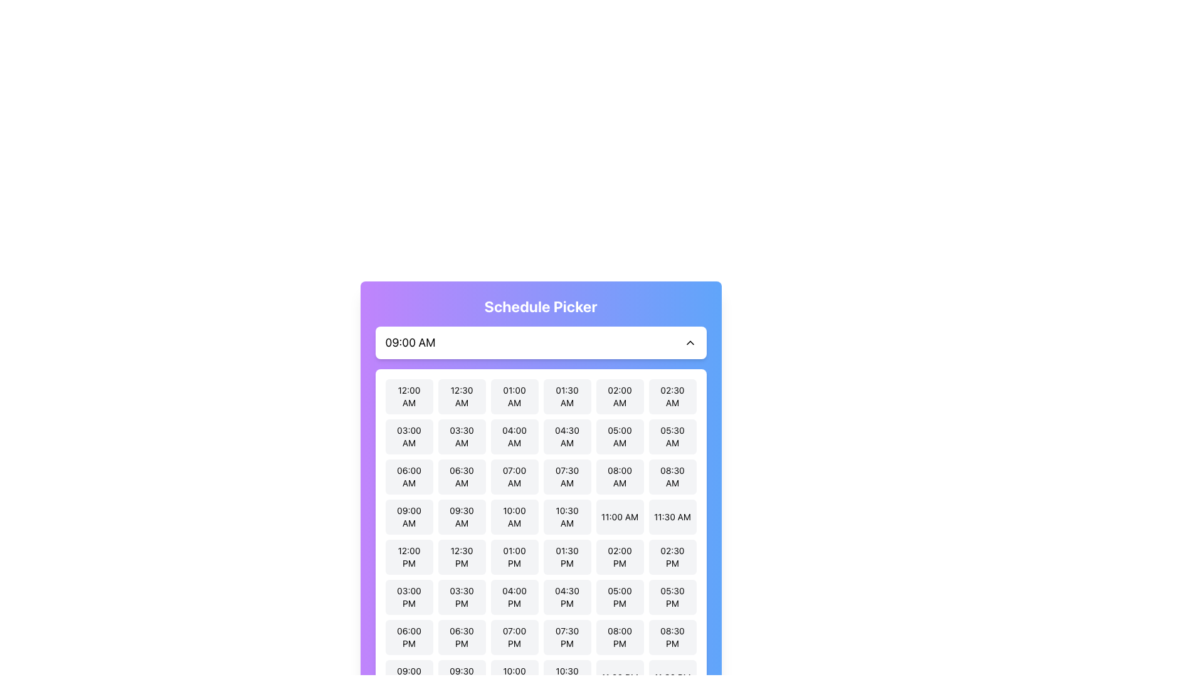 The image size is (1204, 677). What do you see at coordinates (566, 436) in the screenshot?
I see `the time selection button for '04:30 AM' located in the 4th row and 5th column of the 'Schedule Picker' grid` at bounding box center [566, 436].